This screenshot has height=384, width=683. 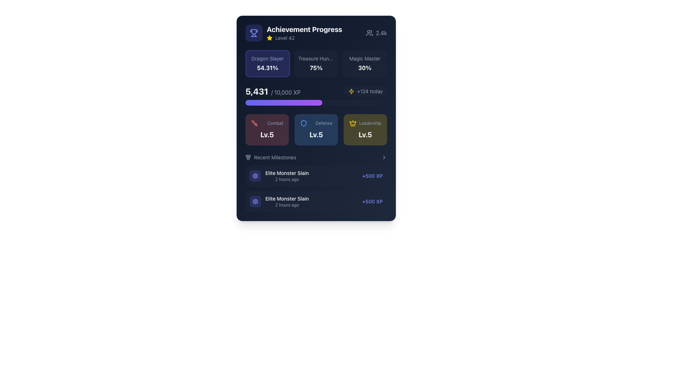 I want to click on the decorative icon with concentric circles and a central dot, which is indigo in color, located in the 'Recent Milestones' section next to 'Elite Monster Slain', so click(x=255, y=176).